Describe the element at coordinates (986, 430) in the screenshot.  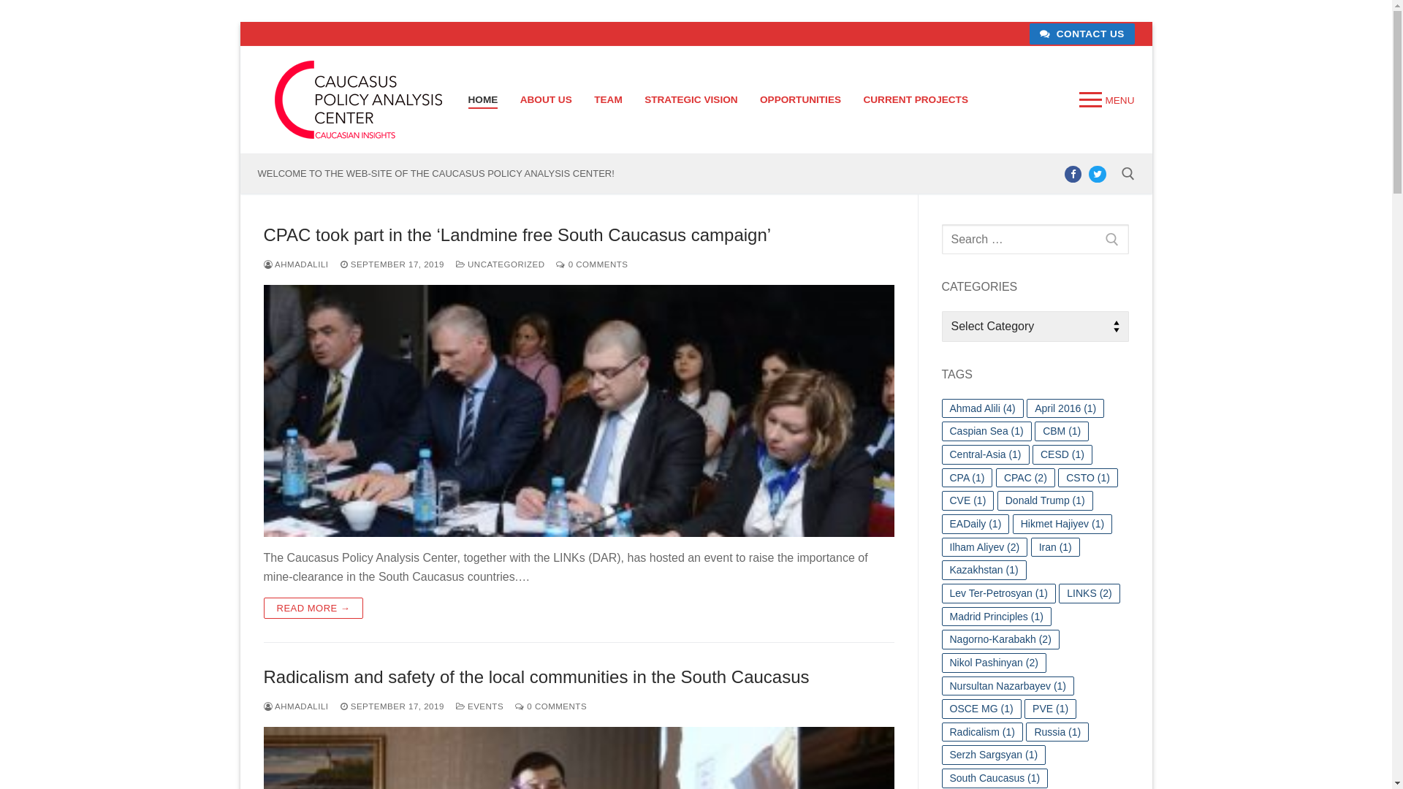
I see `'Caspian Sea (1)'` at that location.